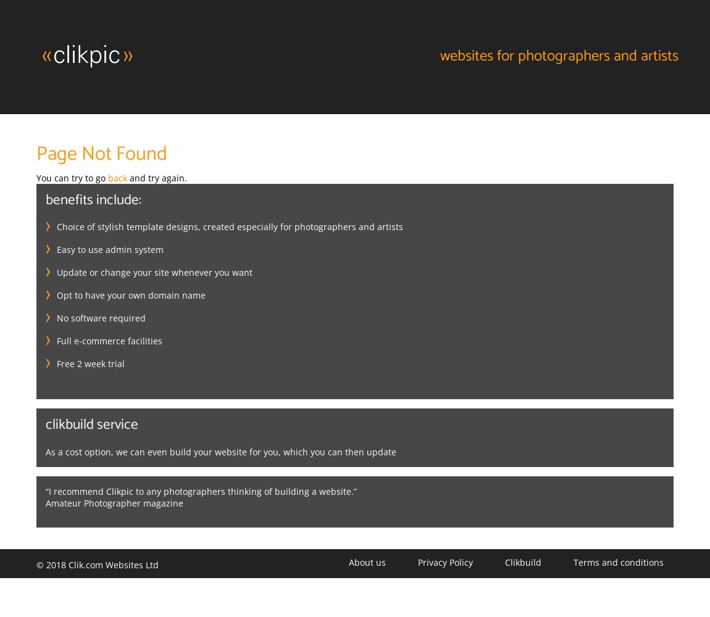 This screenshot has width=710, height=617. Describe the element at coordinates (109, 340) in the screenshot. I see `'Full e-commerce facilities'` at that location.